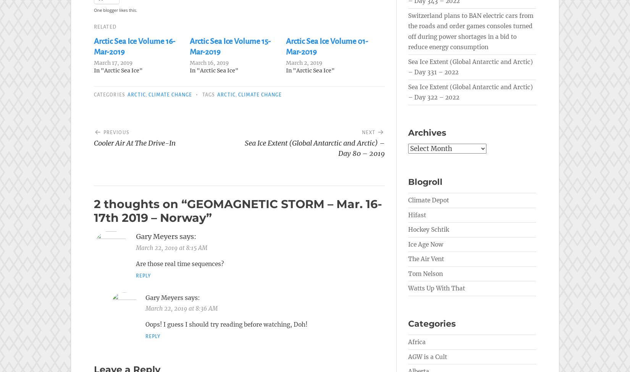  What do you see at coordinates (426, 244) in the screenshot?
I see `'Ice Age Now'` at bounding box center [426, 244].